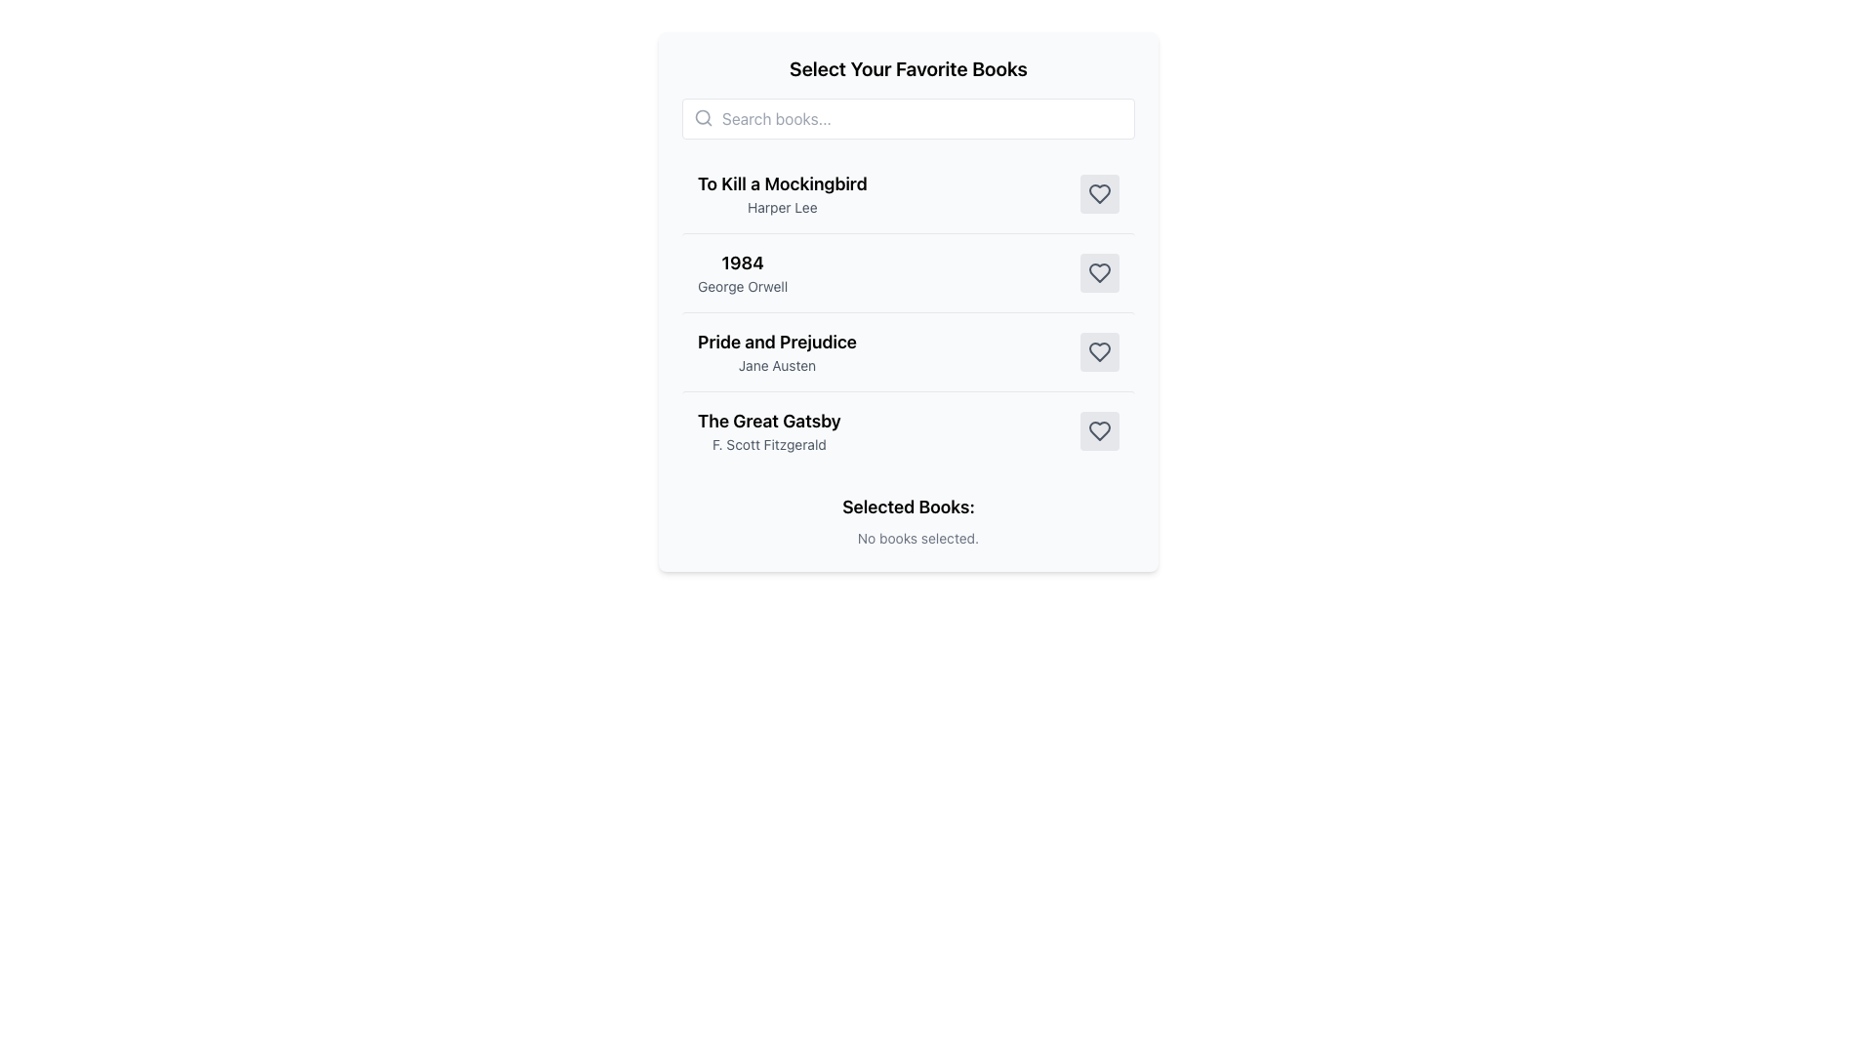 Image resolution: width=1874 pixels, height=1054 pixels. Describe the element at coordinates (768, 430) in the screenshot. I see `the text element displaying the book title 'The Great Gatsby' and author, which is the fourth item in the list under 'Select Your Favorite Books.'` at that location.